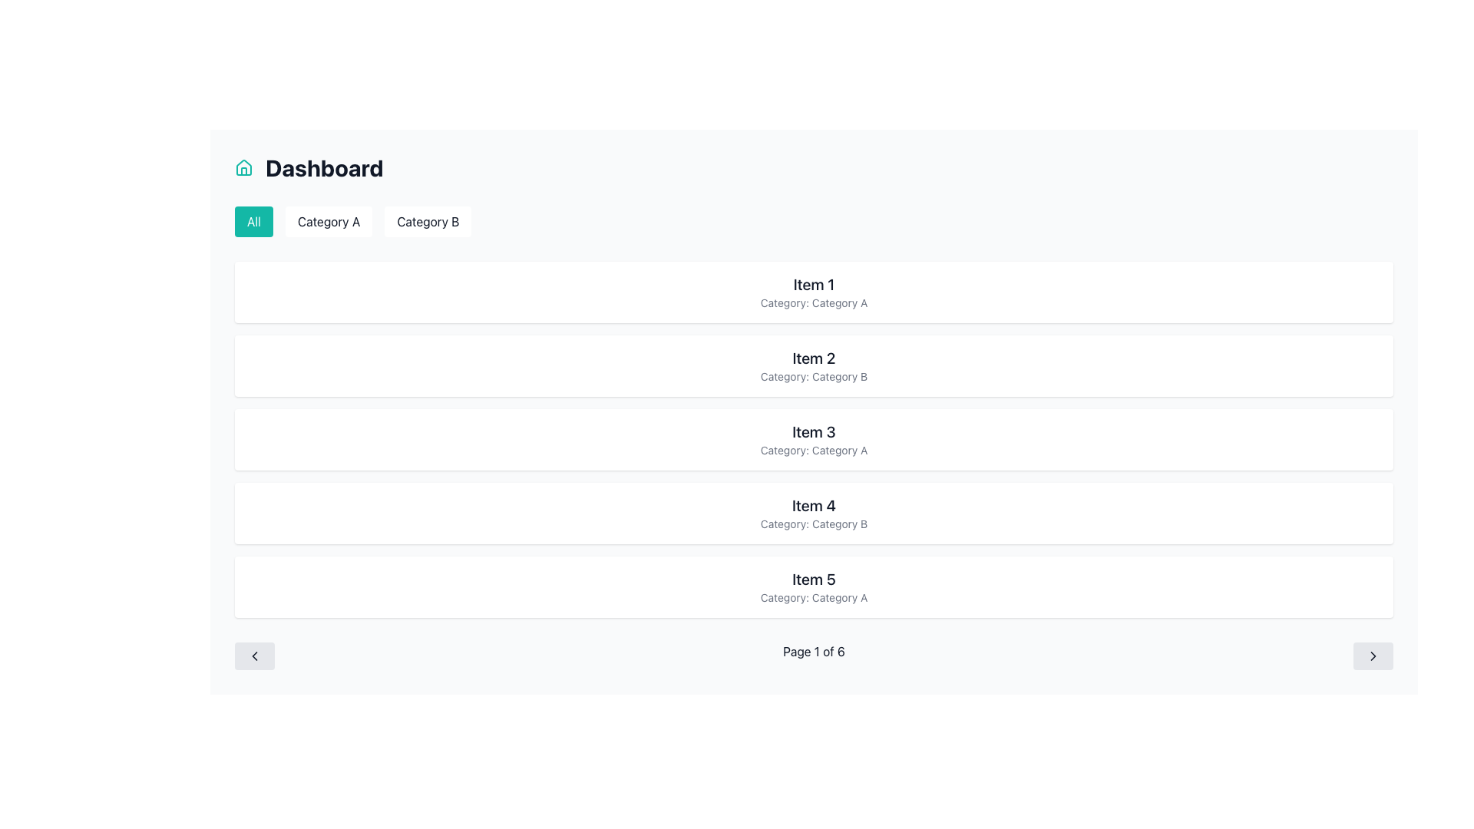  I want to click on the right-facing arrow button at the bottom right of the navigation bar, so click(1373, 656).